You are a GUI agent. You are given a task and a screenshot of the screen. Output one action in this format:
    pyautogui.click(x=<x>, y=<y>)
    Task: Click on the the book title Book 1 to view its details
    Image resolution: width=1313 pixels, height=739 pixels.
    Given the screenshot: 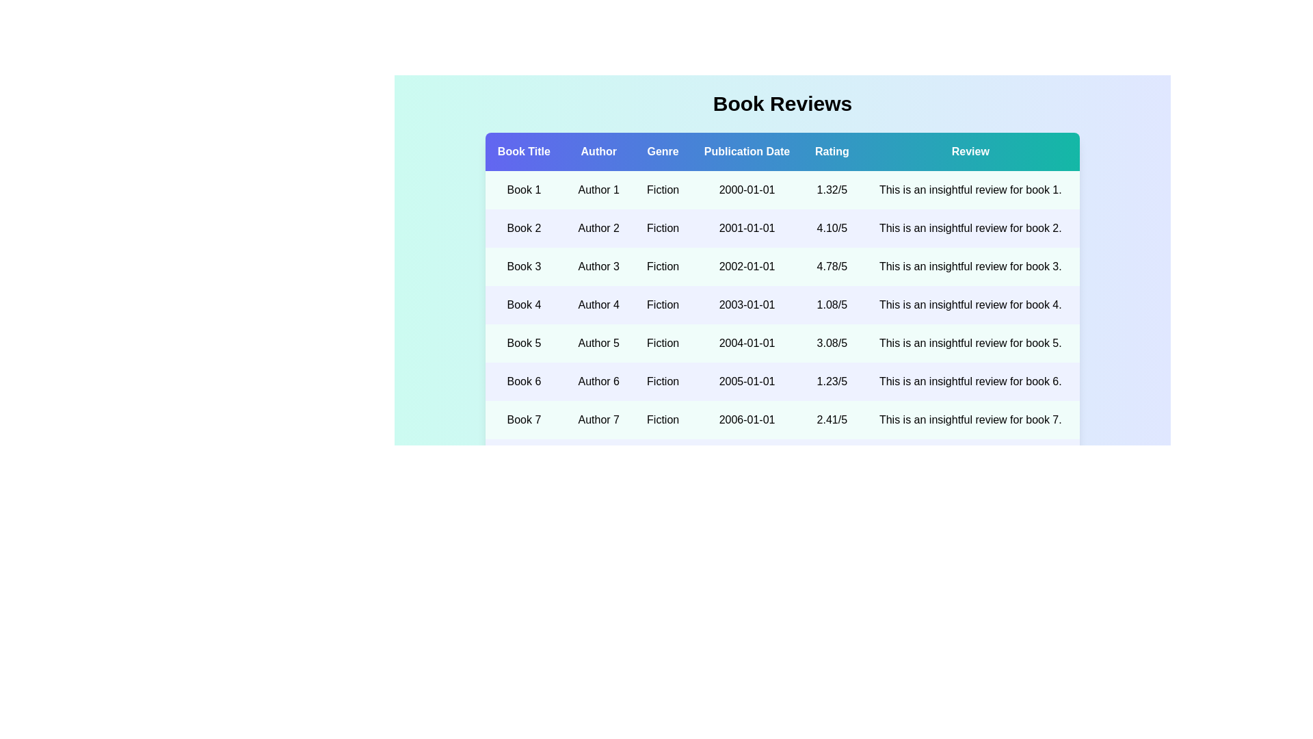 What is the action you would take?
    pyautogui.click(x=523, y=190)
    